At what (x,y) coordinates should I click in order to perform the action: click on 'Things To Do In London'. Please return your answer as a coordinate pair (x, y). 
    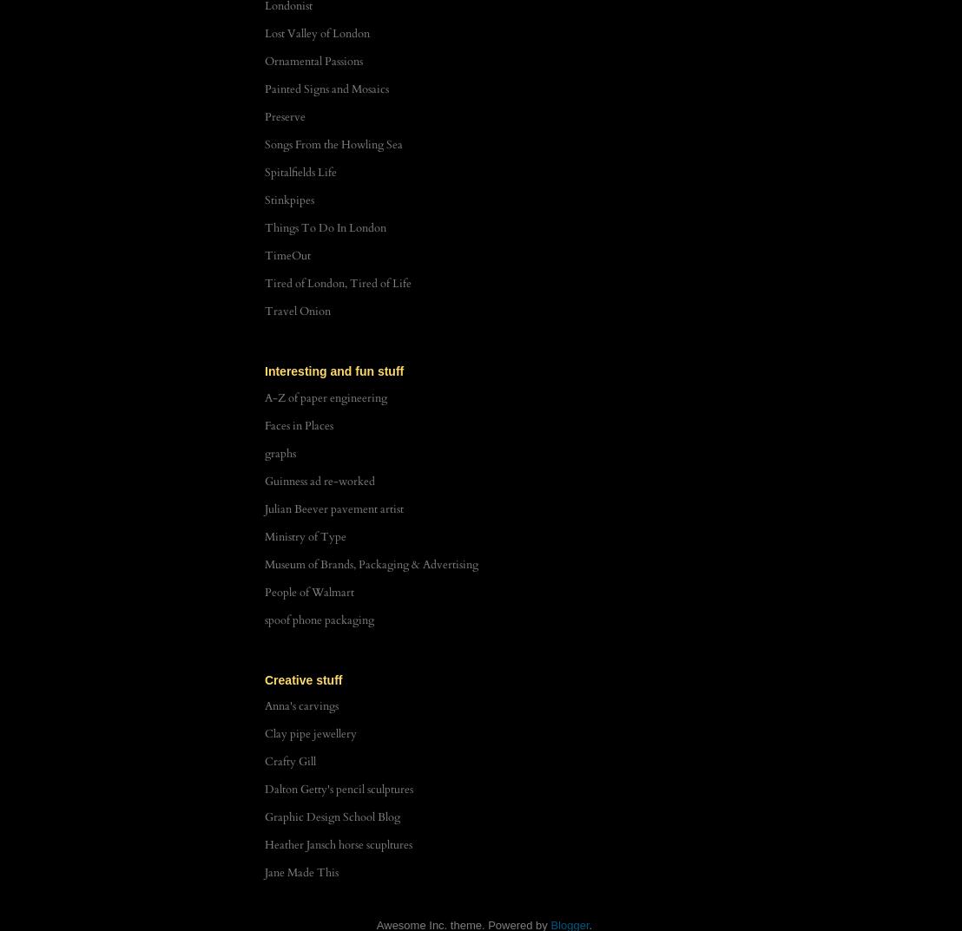
    Looking at the image, I should click on (265, 226).